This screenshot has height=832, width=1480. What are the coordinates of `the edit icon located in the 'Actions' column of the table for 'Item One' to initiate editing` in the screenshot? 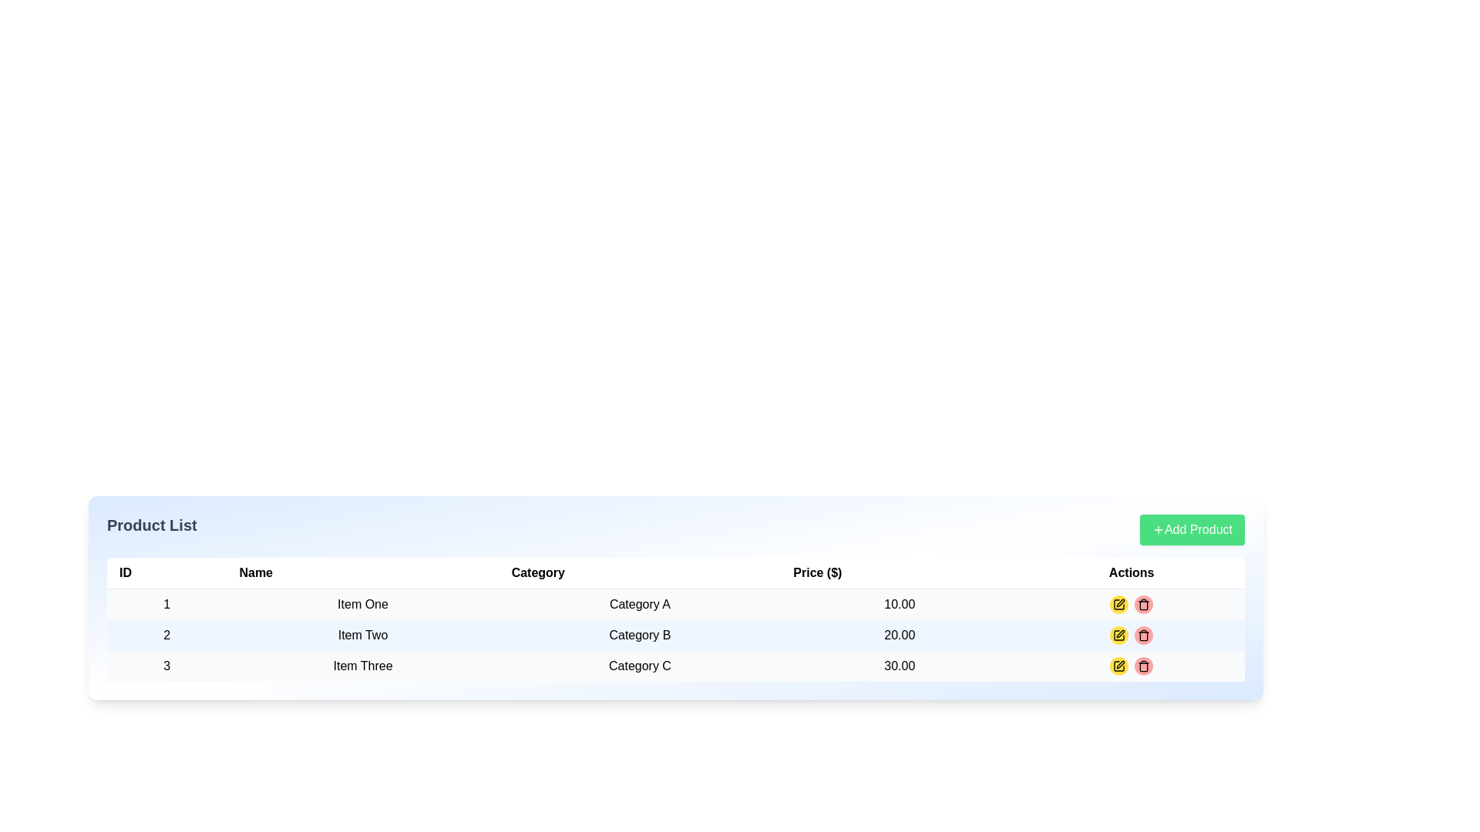 It's located at (1121, 602).